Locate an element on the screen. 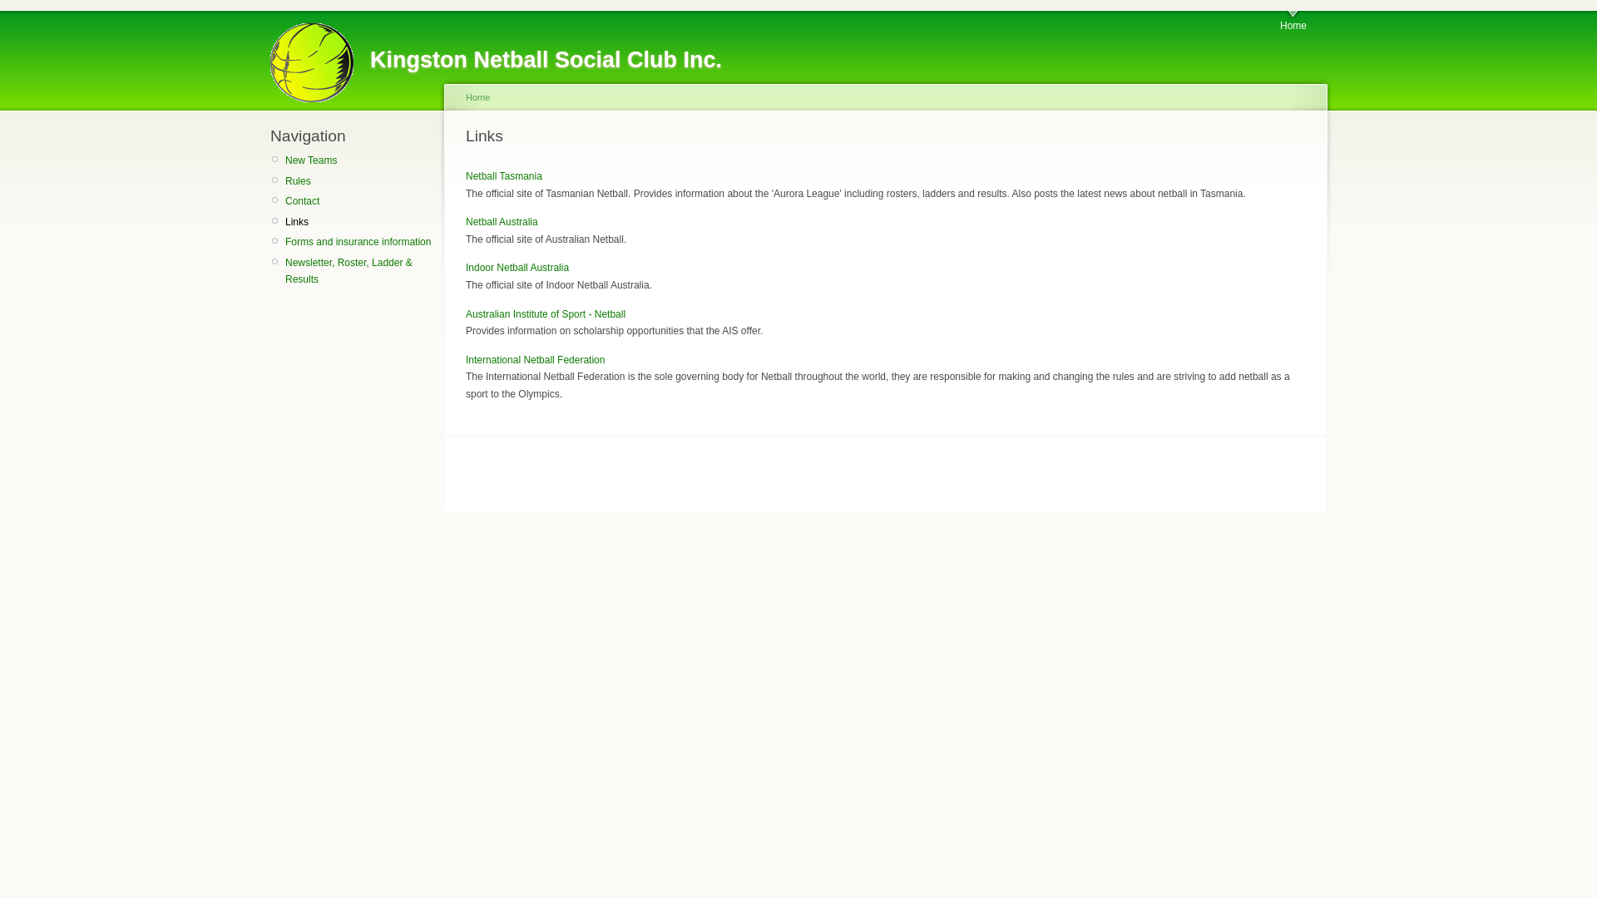 This screenshot has height=898, width=1597. 'Home' is located at coordinates (466, 96).